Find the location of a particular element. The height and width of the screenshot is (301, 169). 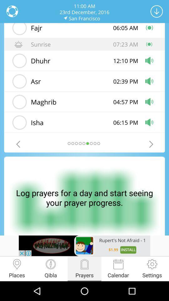

the arrow_forward icon is located at coordinates (150, 144).